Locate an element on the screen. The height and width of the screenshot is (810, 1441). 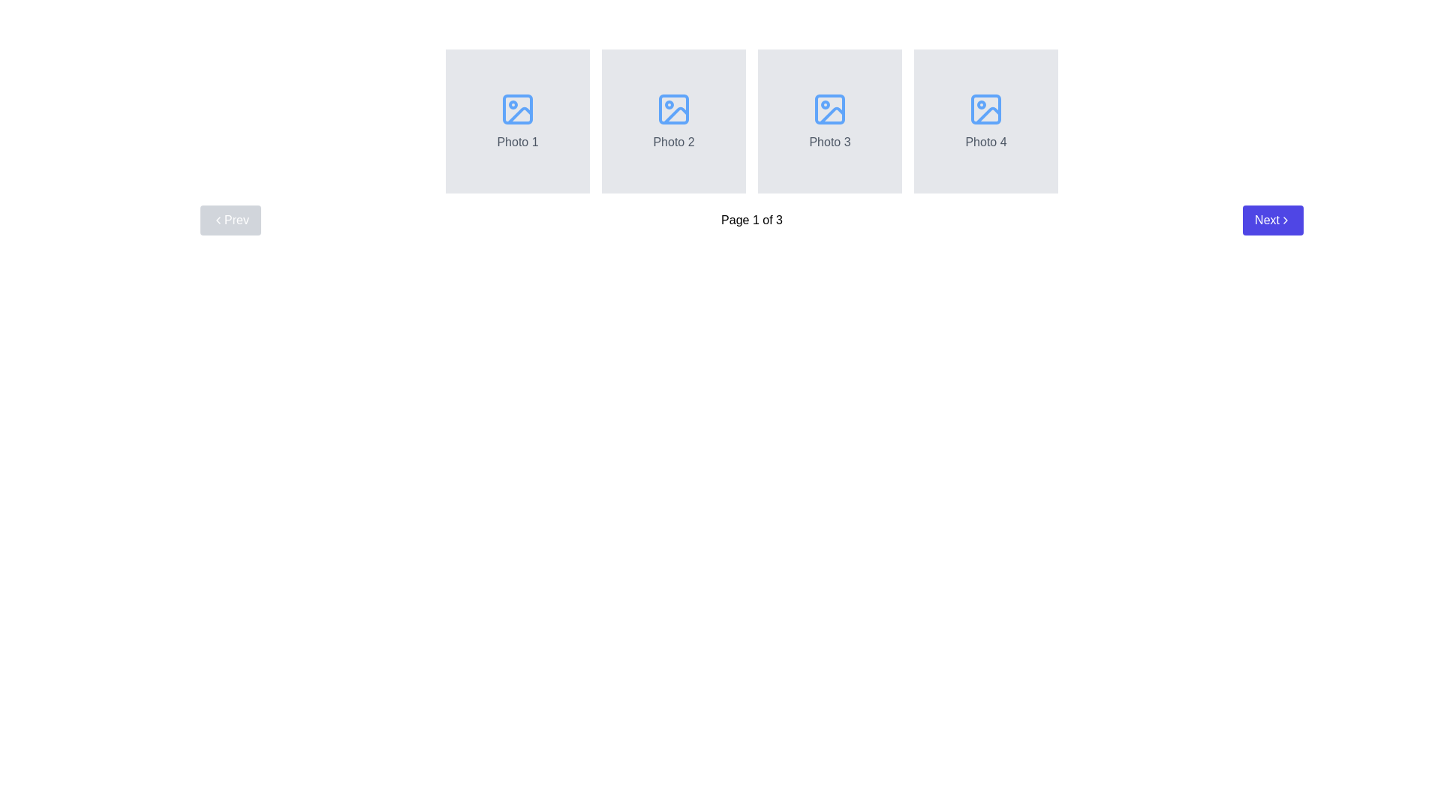
the decorative part of the icon representing photo content located in the fourth photo tile marked as 'Photo 4' in the horizontal list of photo tiles at the top of the interface is located at coordinates (986, 109).